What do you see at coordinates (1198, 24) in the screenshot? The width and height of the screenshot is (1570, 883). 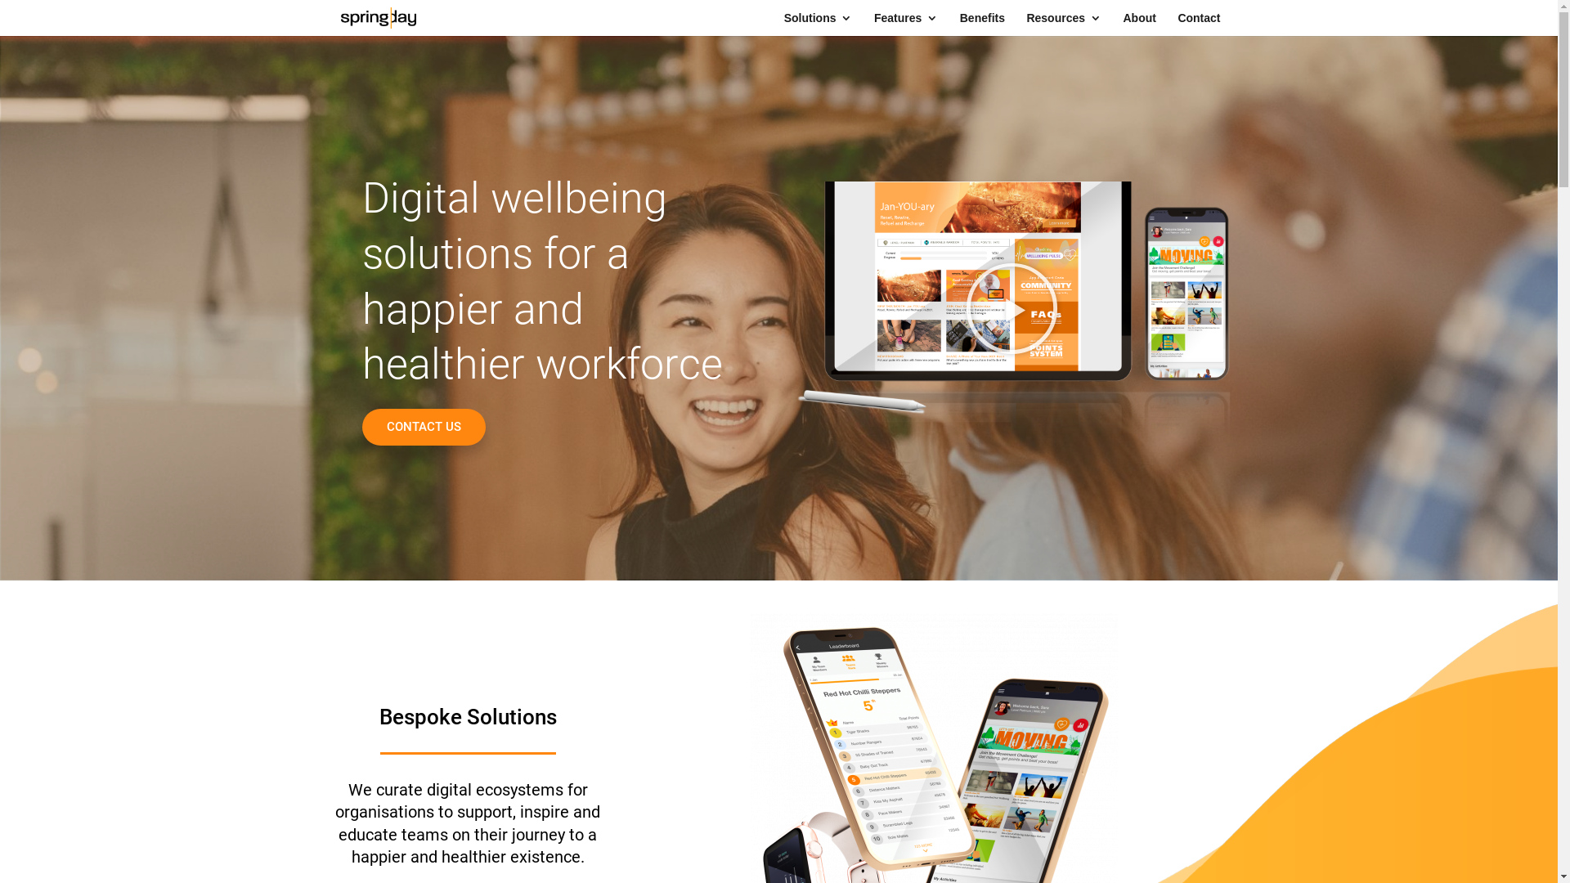 I see `'Contact'` at bounding box center [1198, 24].